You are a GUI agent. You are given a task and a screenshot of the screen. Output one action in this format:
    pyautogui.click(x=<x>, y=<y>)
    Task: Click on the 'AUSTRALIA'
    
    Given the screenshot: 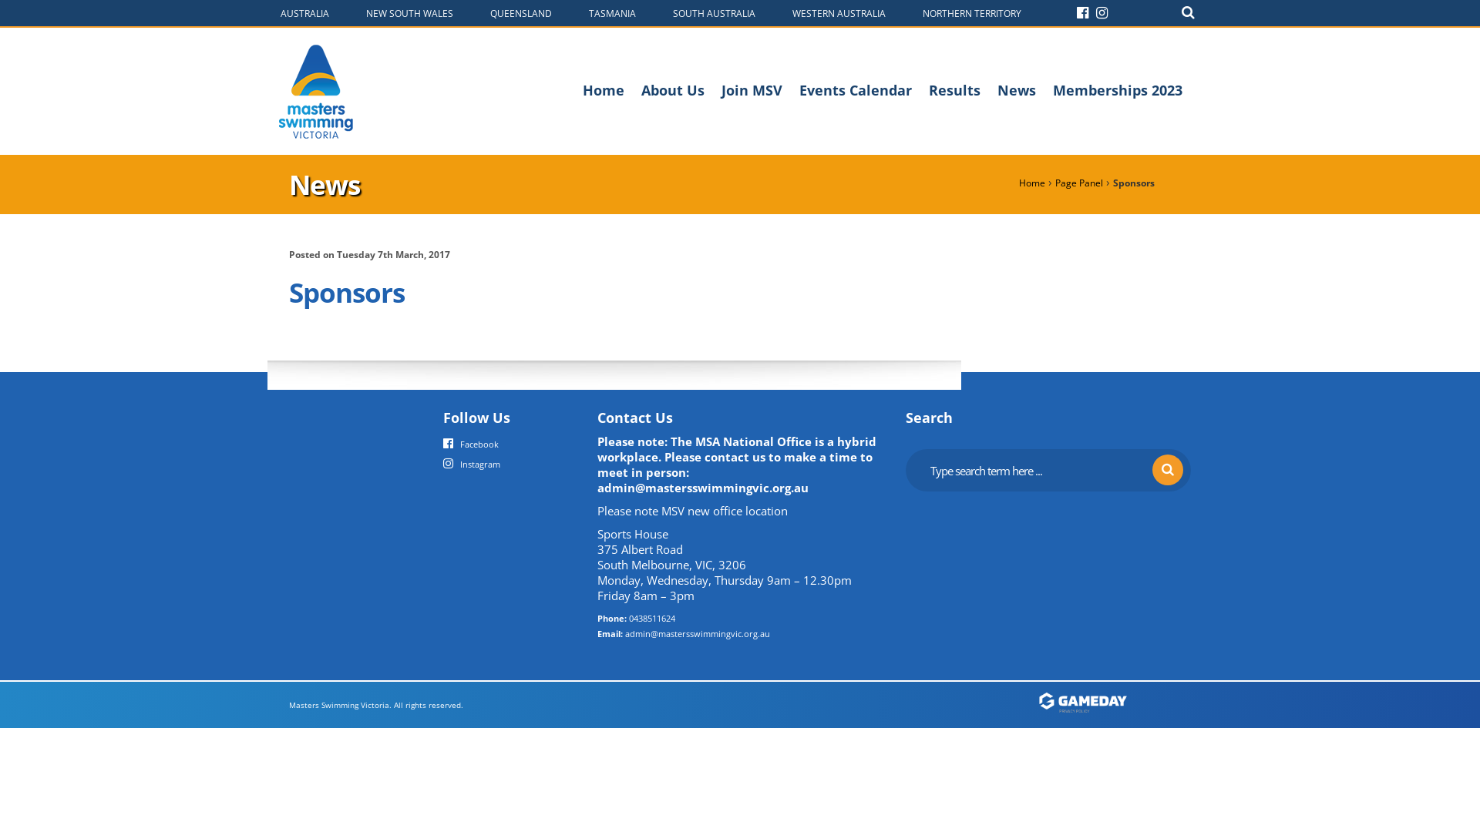 What is the action you would take?
    pyautogui.click(x=277, y=12)
    